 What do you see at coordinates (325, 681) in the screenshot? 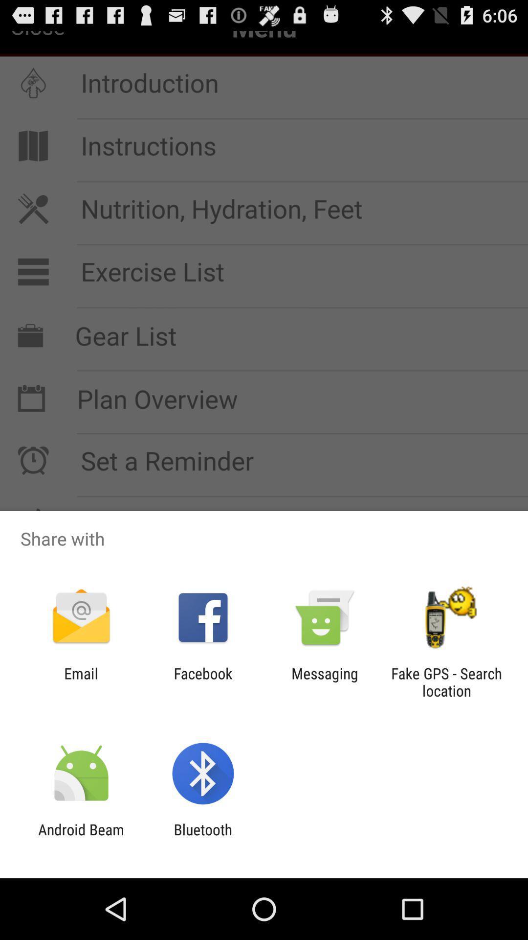
I see `app to the left of the fake gps search icon` at bounding box center [325, 681].